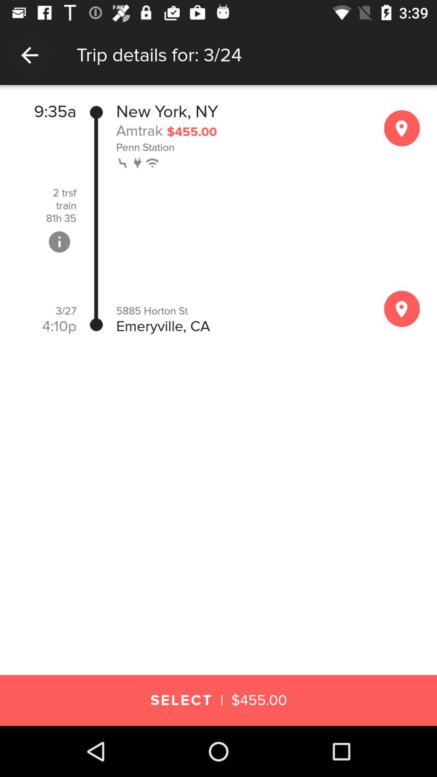 Image resolution: width=437 pixels, height=777 pixels. Describe the element at coordinates (402, 308) in the screenshot. I see `asking location` at that location.